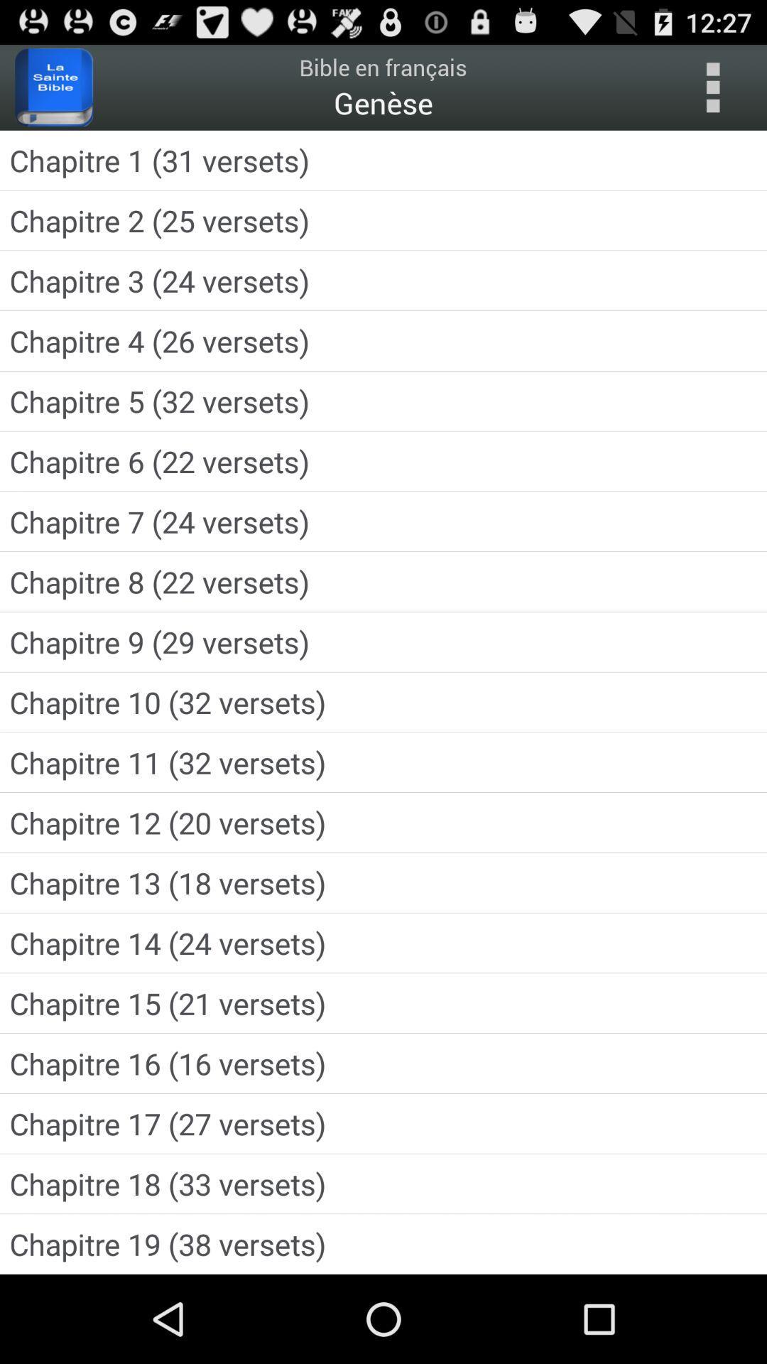 Image resolution: width=767 pixels, height=1364 pixels. What do you see at coordinates (383, 341) in the screenshot?
I see `icon below the chapitre 3 24 item` at bounding box center [383, 341].